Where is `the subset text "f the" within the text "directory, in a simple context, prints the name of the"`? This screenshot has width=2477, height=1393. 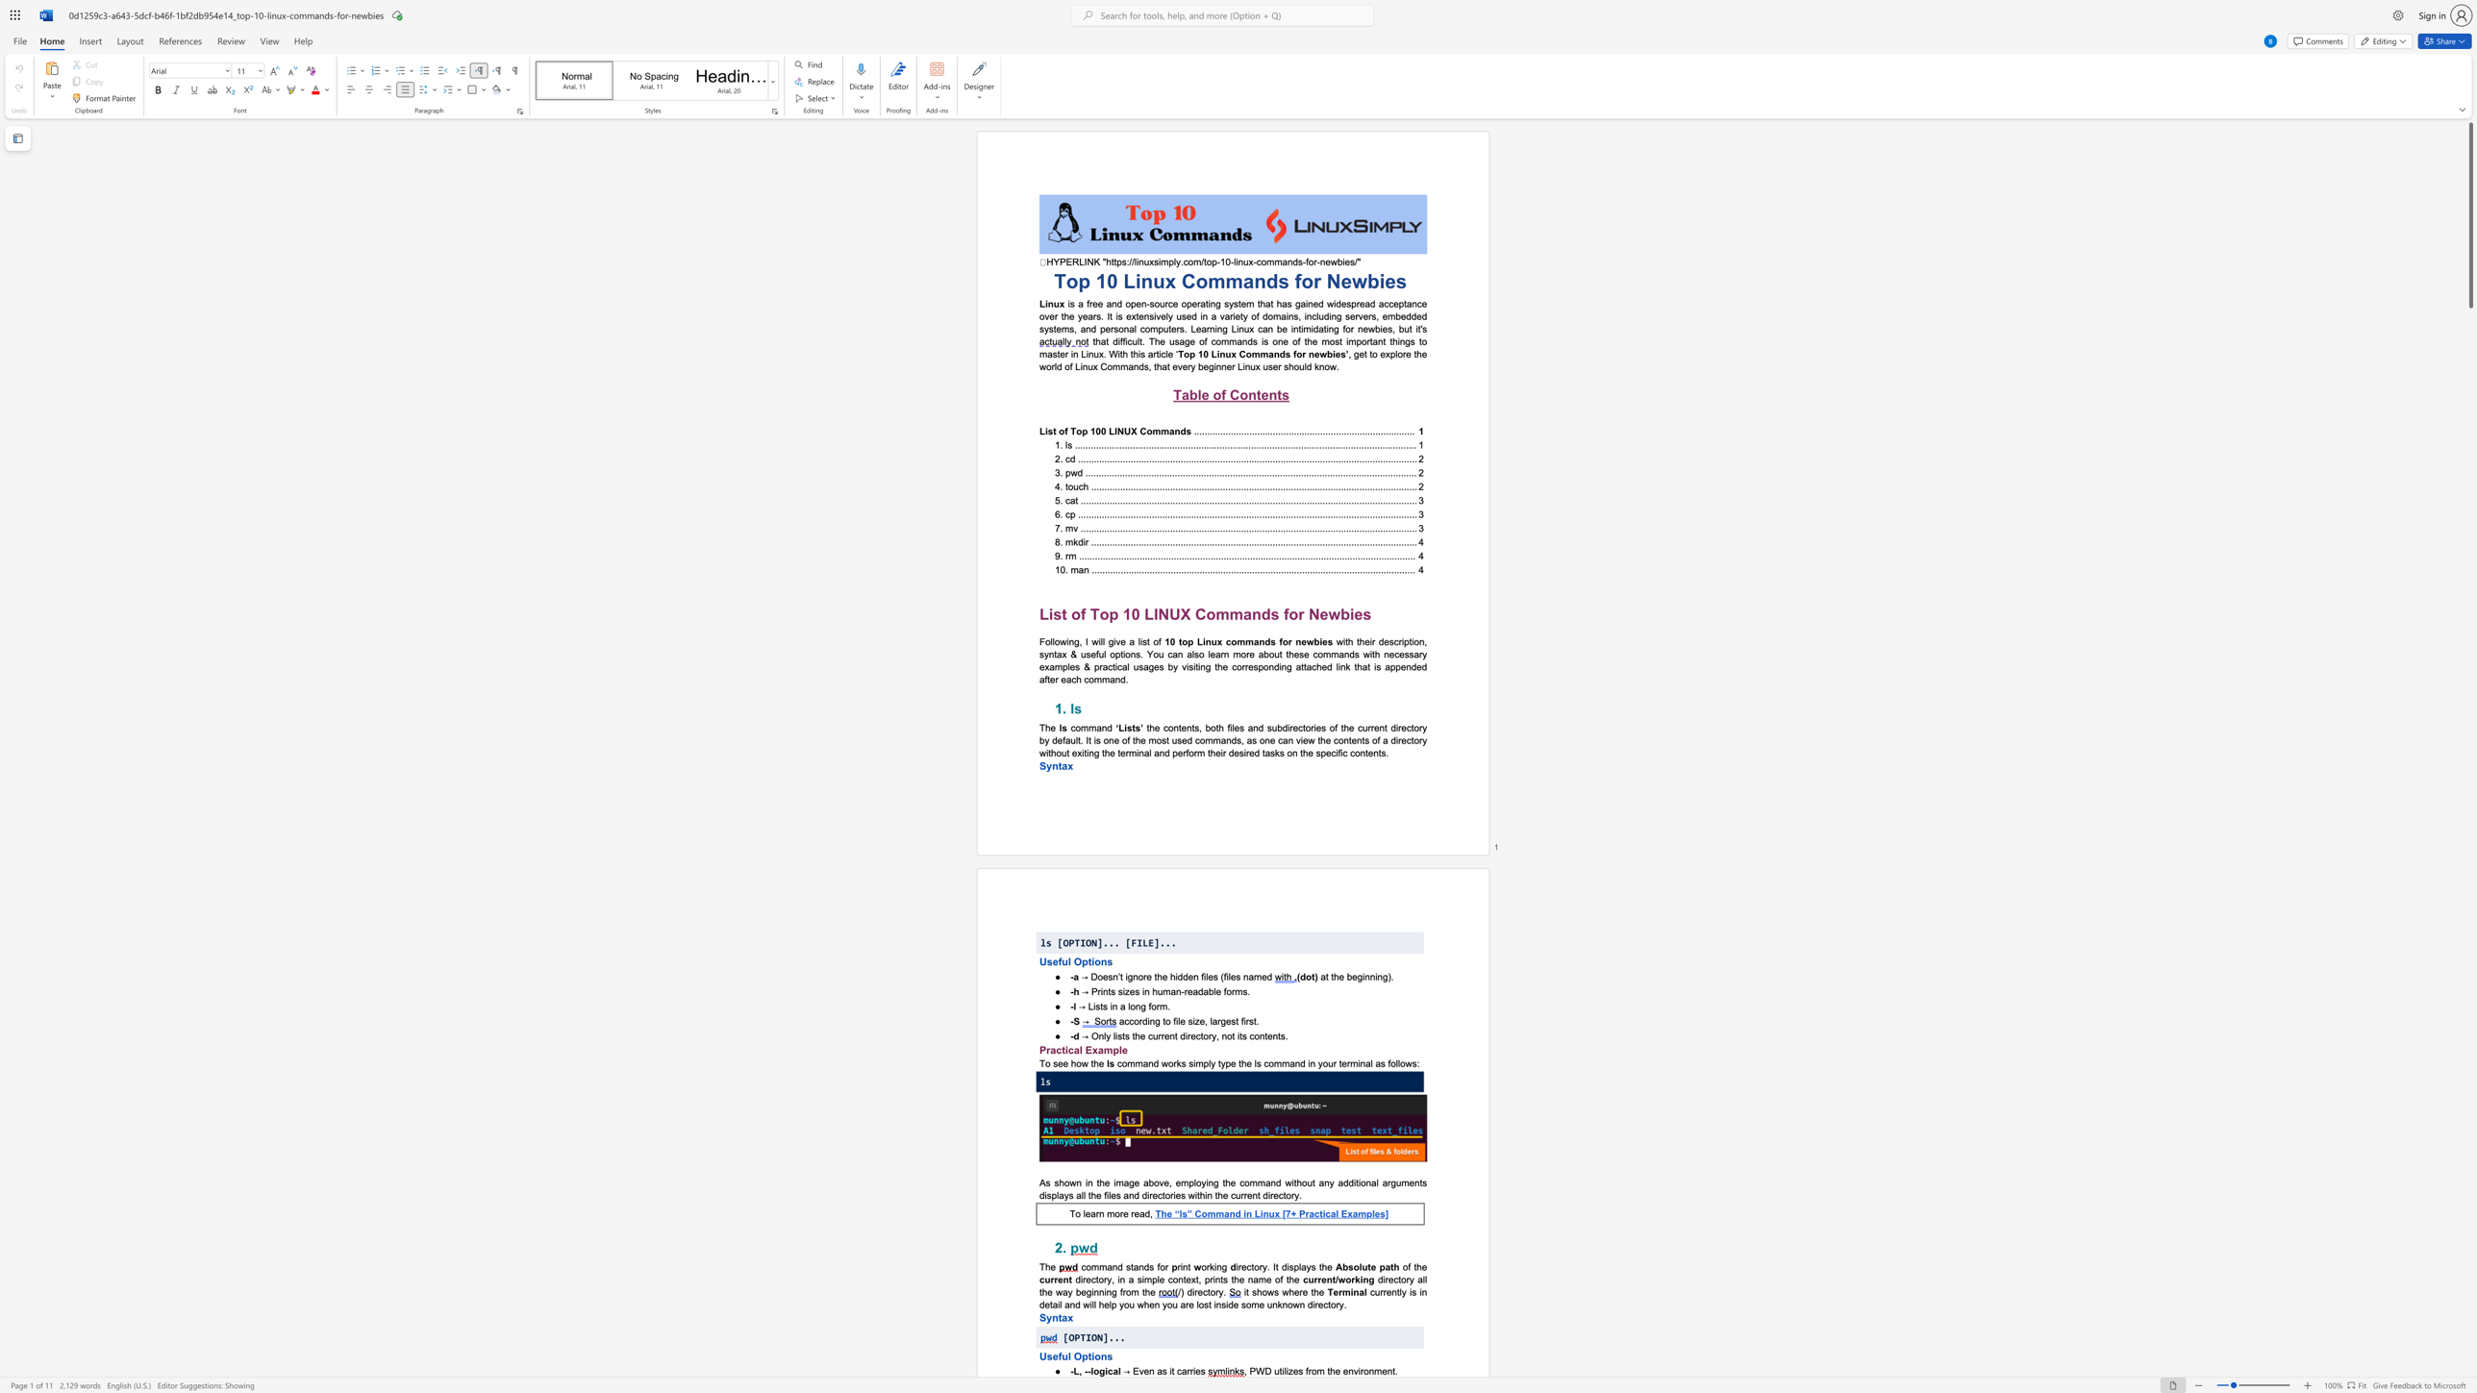
the subset text "f the" within the text "directory, in a simple context, prints the name of the" is located at coordinates (1280, 1279).